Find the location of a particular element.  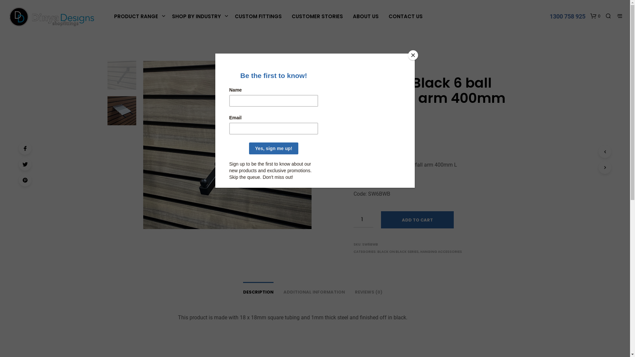

'SHOP BY INDUSTRY' is located at coordinates (196, 16).